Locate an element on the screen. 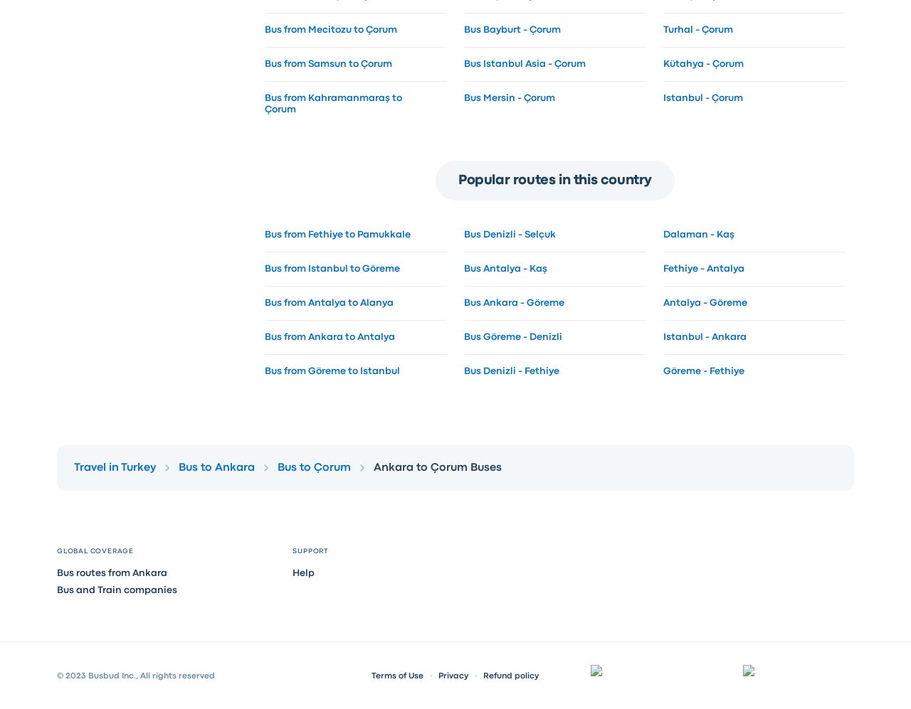 Image resolution: width=911 pixels, height=709 pixels. 'Dalaman - Kaş' is located at coordinates (697, 233).